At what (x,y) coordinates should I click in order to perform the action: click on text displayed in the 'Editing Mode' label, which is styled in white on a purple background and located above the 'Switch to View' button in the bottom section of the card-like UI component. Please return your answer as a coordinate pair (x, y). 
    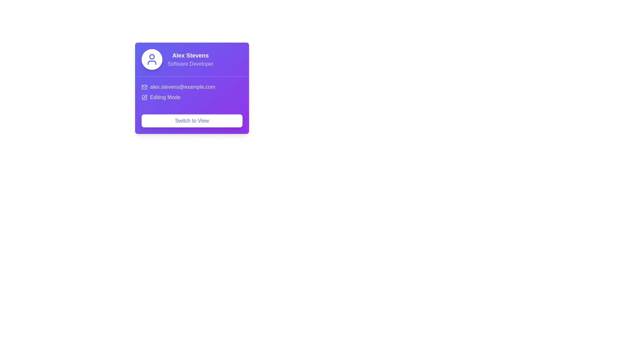
    Looking at the image, I should click on (165, 97).